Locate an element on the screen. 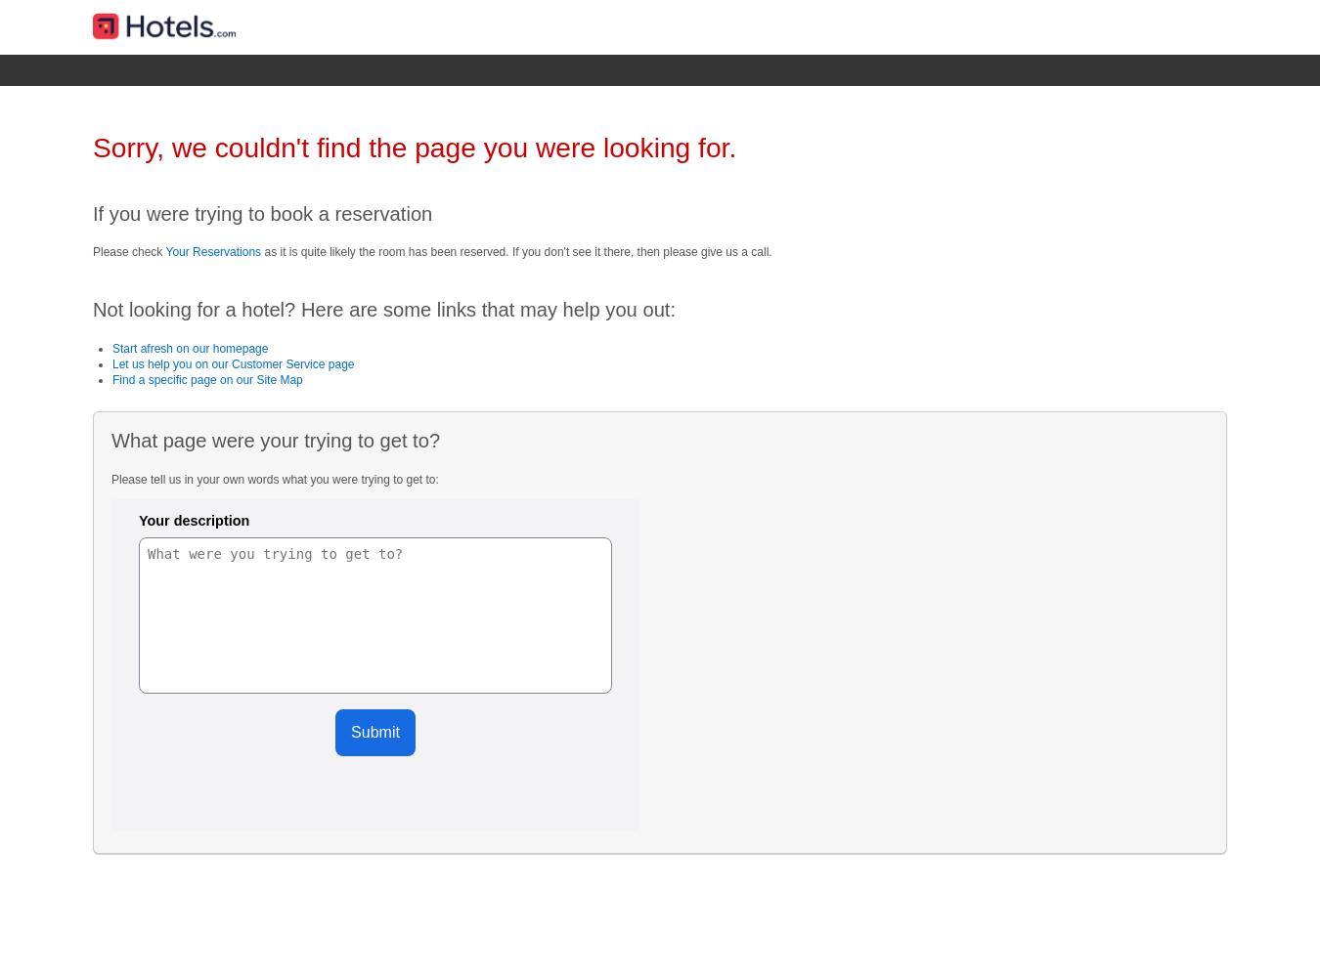 The image size is (1320, 977). 'Please tell us in your own words what you were trying to get to:' is located at coordinates (110, 478).